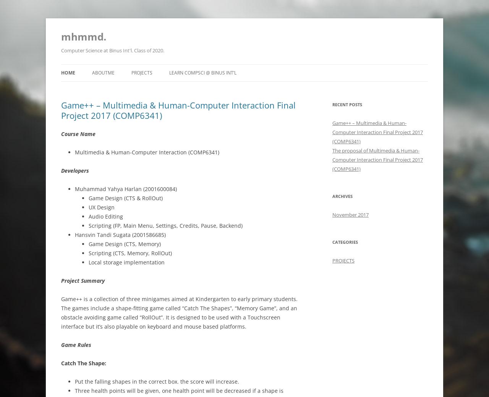 The width and height of the screenshot is (489, 397). I want to click on 'Muhammad Yahya Harlan (2001600084)', so click(126, 188).